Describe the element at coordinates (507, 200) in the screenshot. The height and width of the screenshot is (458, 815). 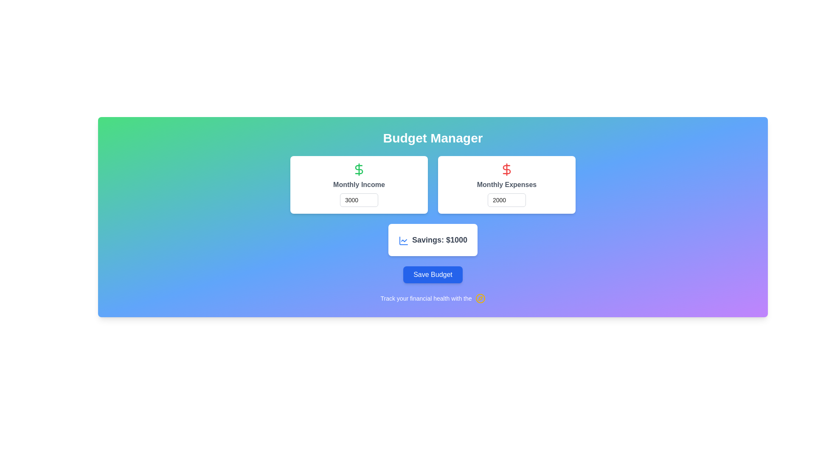
I see `the numeric input field displaying '2000'` at that location.